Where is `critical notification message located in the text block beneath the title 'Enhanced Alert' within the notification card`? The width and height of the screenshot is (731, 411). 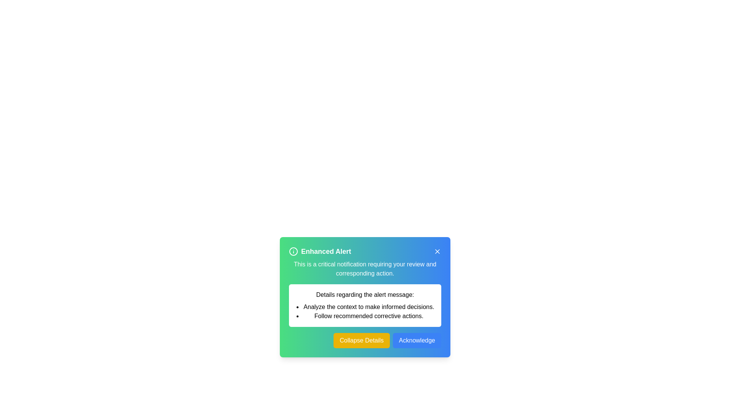
critical notification message located in the text block beneath the title 'Enhanced Alert' within the notification card is located at coordinates (365, 268).